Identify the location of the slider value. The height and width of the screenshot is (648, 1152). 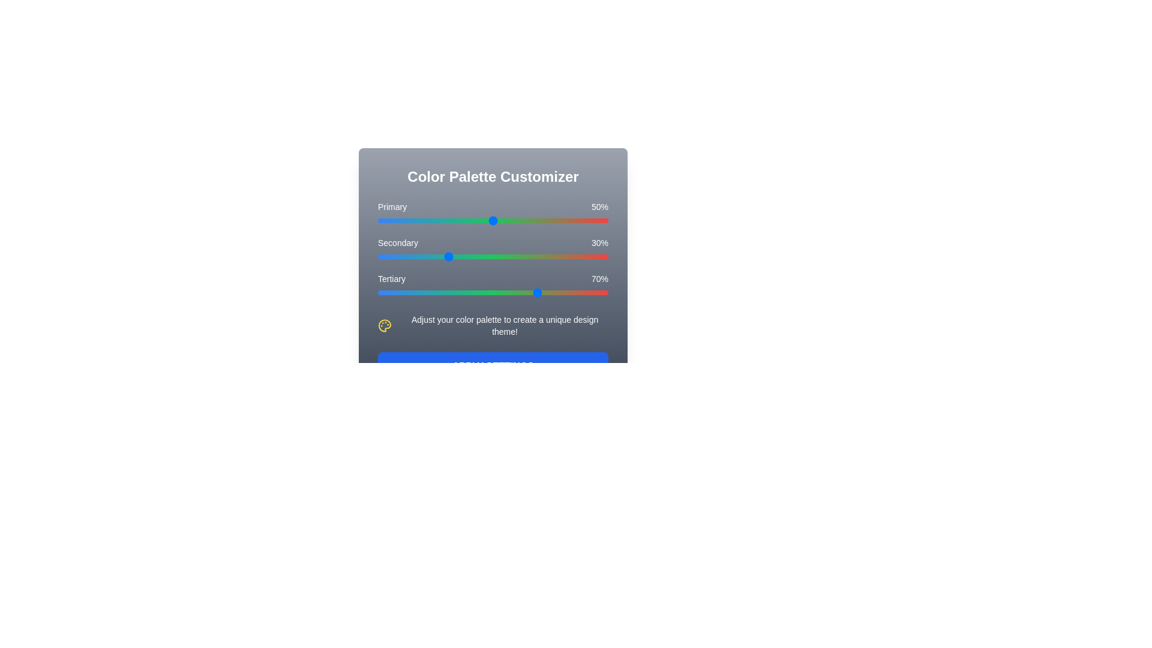
(439, 256).